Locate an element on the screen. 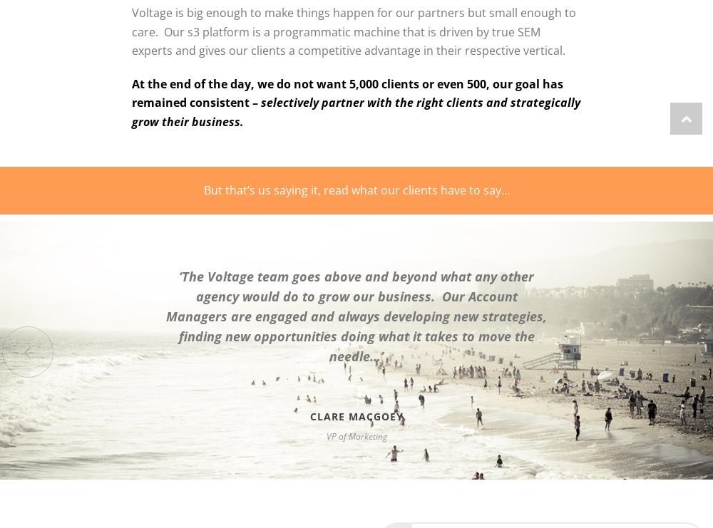 This screenshot has height=528, width=713. 'Voltage is big enough to make things happen for our partners but small enough to care.' is located at coordinates (353, 21).